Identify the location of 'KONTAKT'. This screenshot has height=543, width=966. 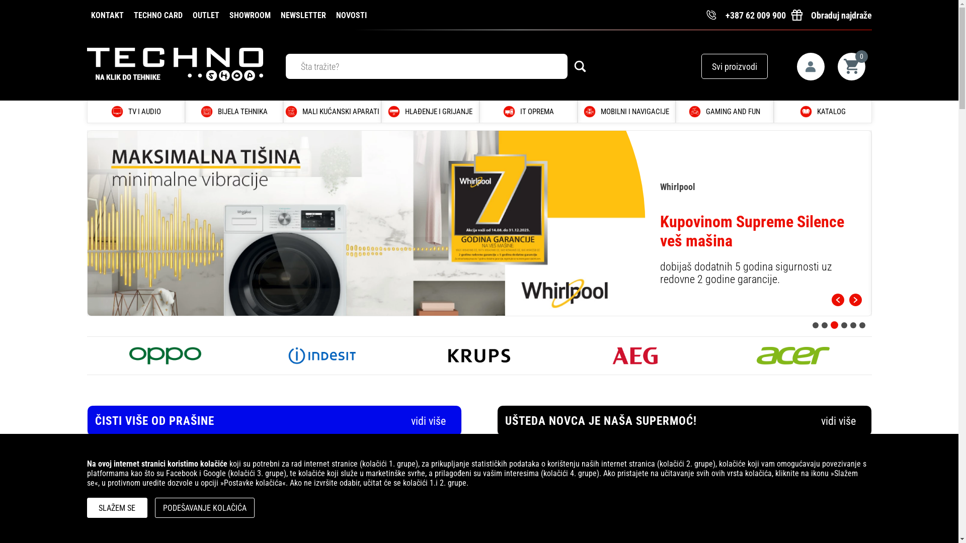
(107, 15).